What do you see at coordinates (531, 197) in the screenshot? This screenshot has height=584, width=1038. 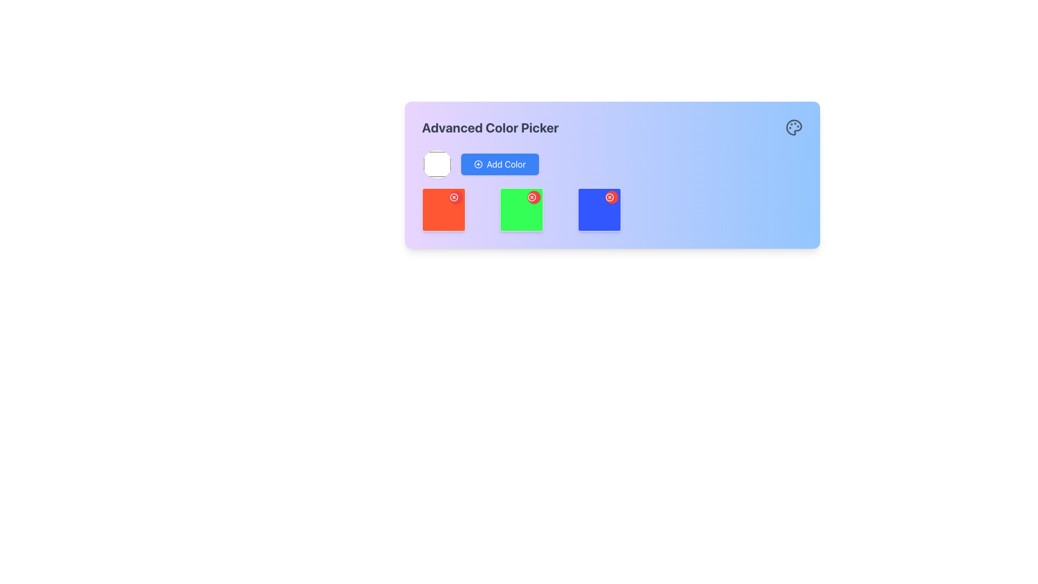 I see `the delete button located at the top-right corner of the green color square` at bounding box center [531, 197].